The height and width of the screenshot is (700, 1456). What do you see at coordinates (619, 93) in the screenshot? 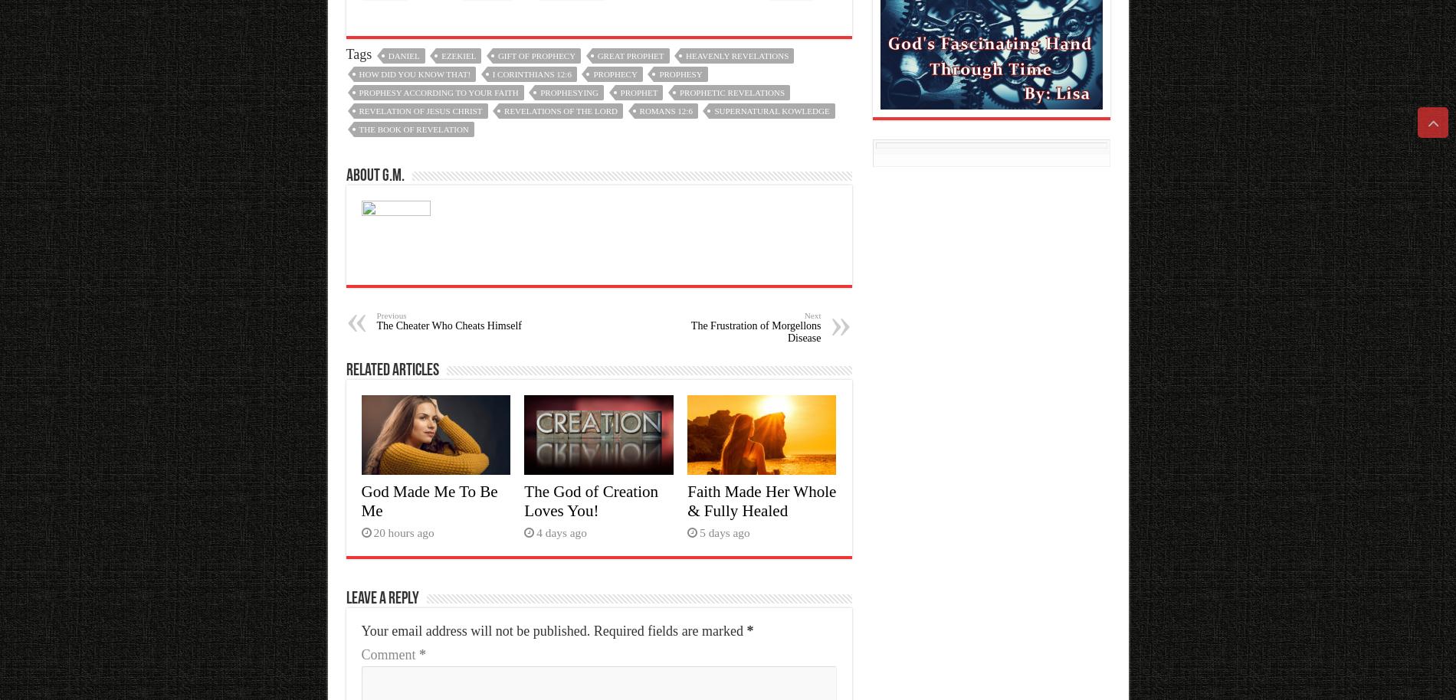
I see `'prophet'` at bounding box center [619, 93].